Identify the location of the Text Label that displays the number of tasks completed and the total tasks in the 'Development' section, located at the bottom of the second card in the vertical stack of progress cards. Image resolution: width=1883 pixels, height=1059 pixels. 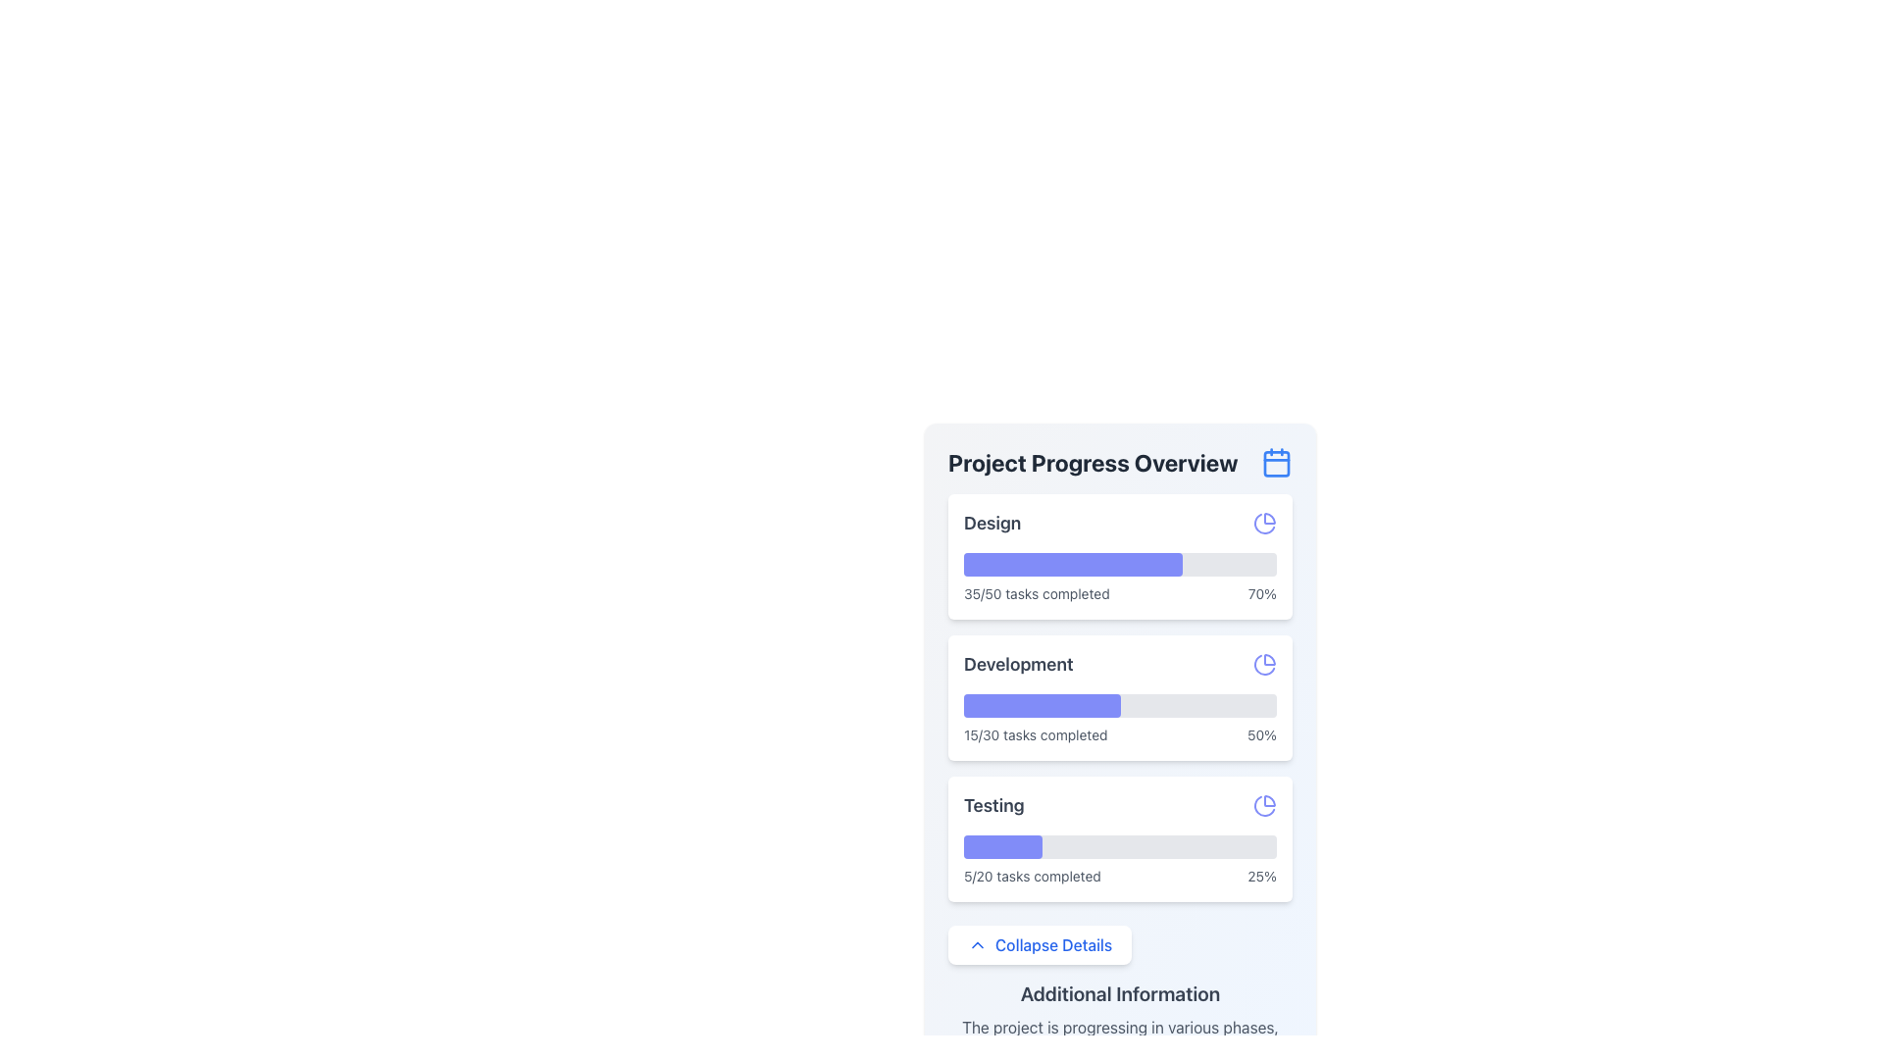
(1035, 734).